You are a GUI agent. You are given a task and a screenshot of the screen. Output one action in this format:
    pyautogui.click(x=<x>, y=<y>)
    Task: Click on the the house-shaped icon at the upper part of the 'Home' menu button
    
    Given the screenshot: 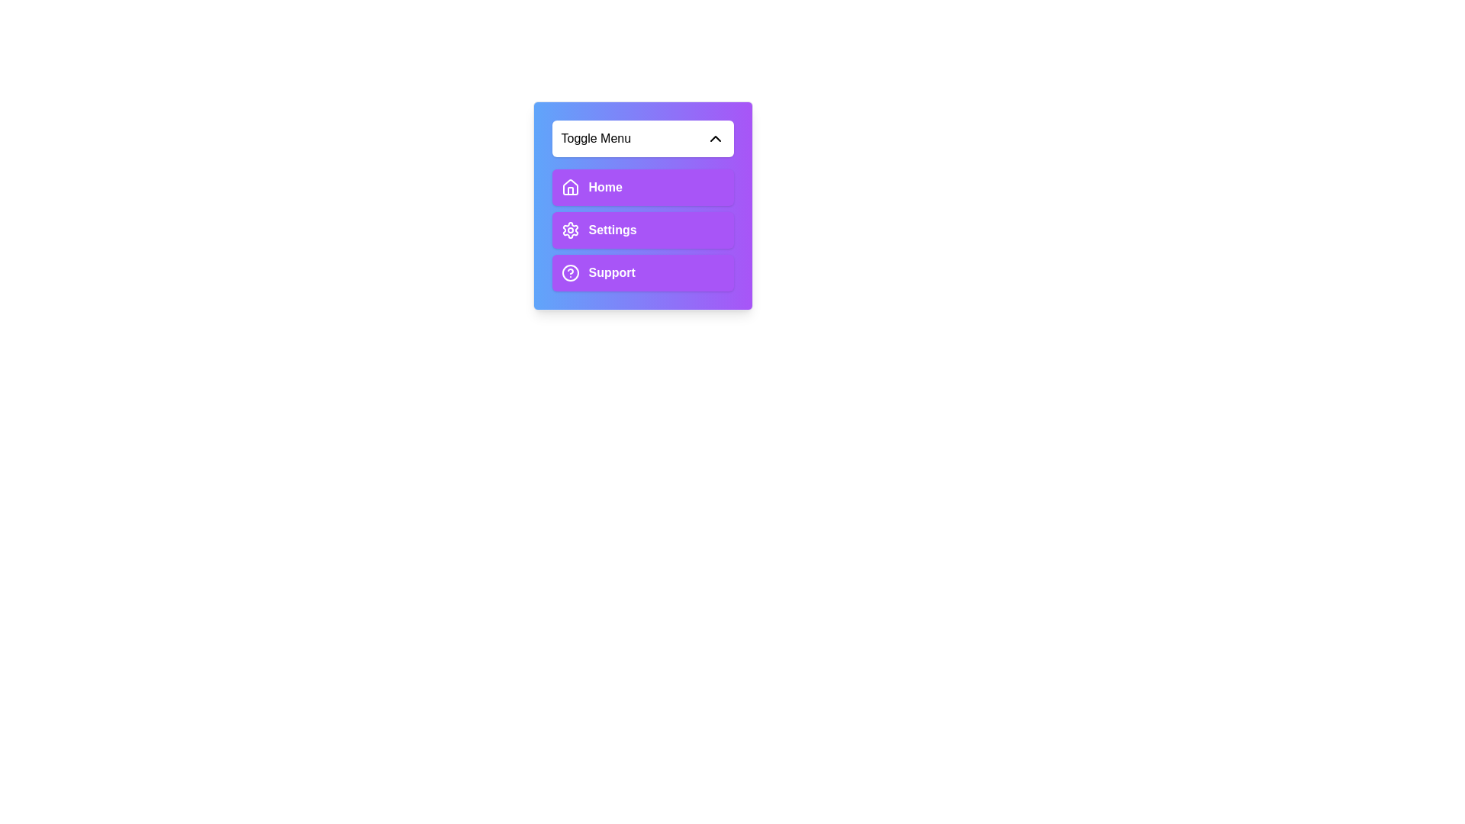 What is the action you would take?
    pyautogui.click(x=569, y=186)
    